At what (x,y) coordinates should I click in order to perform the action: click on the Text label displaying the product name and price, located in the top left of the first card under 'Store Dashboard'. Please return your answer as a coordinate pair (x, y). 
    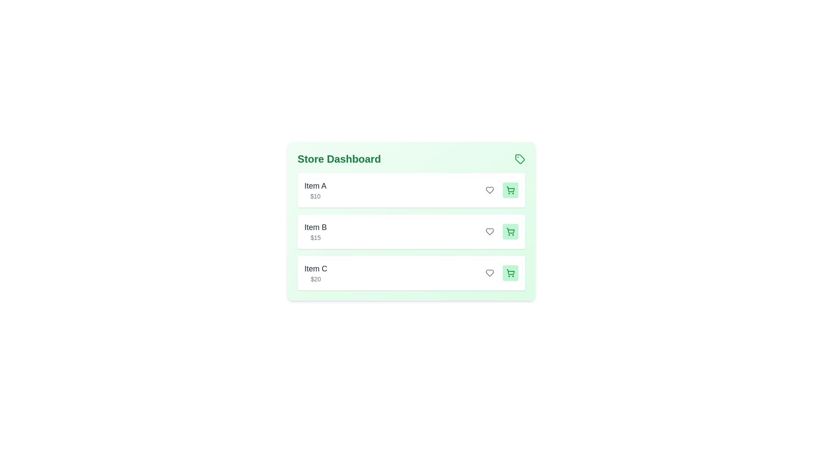
    Looking at the image, I should click on (315, 189).